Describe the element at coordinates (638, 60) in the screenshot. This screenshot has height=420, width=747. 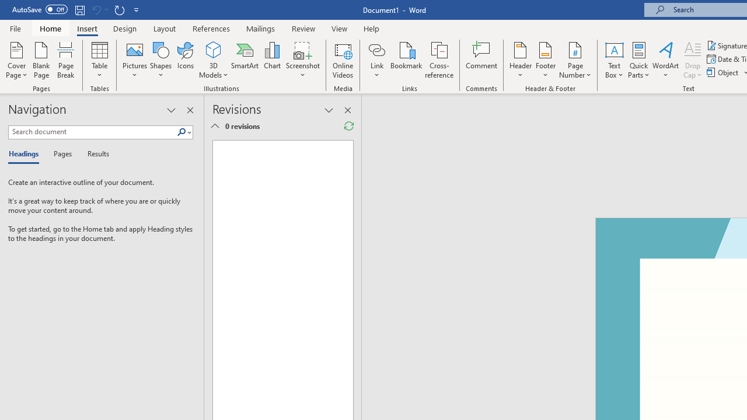
I see `'Quick Parts'` at that location.